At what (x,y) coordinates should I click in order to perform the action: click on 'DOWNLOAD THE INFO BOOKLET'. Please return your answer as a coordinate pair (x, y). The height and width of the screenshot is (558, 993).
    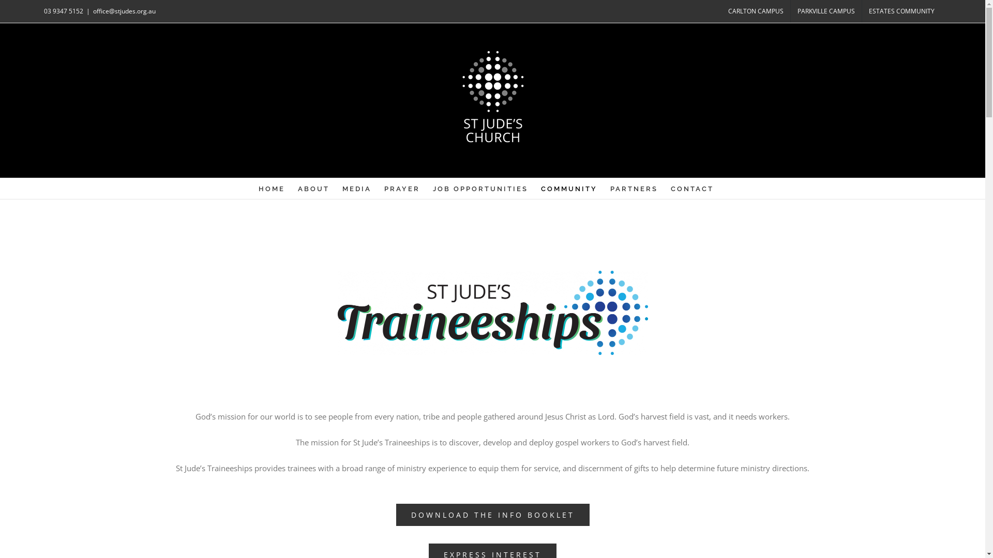
    Looking at the image, I should click on (492, 515).